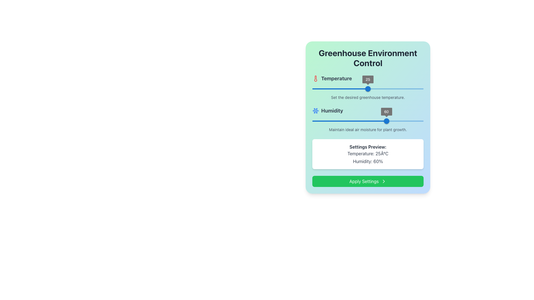 This screenshot has height=300, width=534. Describe the element at coordinates (386, 111) in the screenshot. I see `the Value label that displays the current value (60) of the 'Humidity' slider, which is positioned slightly above the second slider in the middle of the track` at that location.